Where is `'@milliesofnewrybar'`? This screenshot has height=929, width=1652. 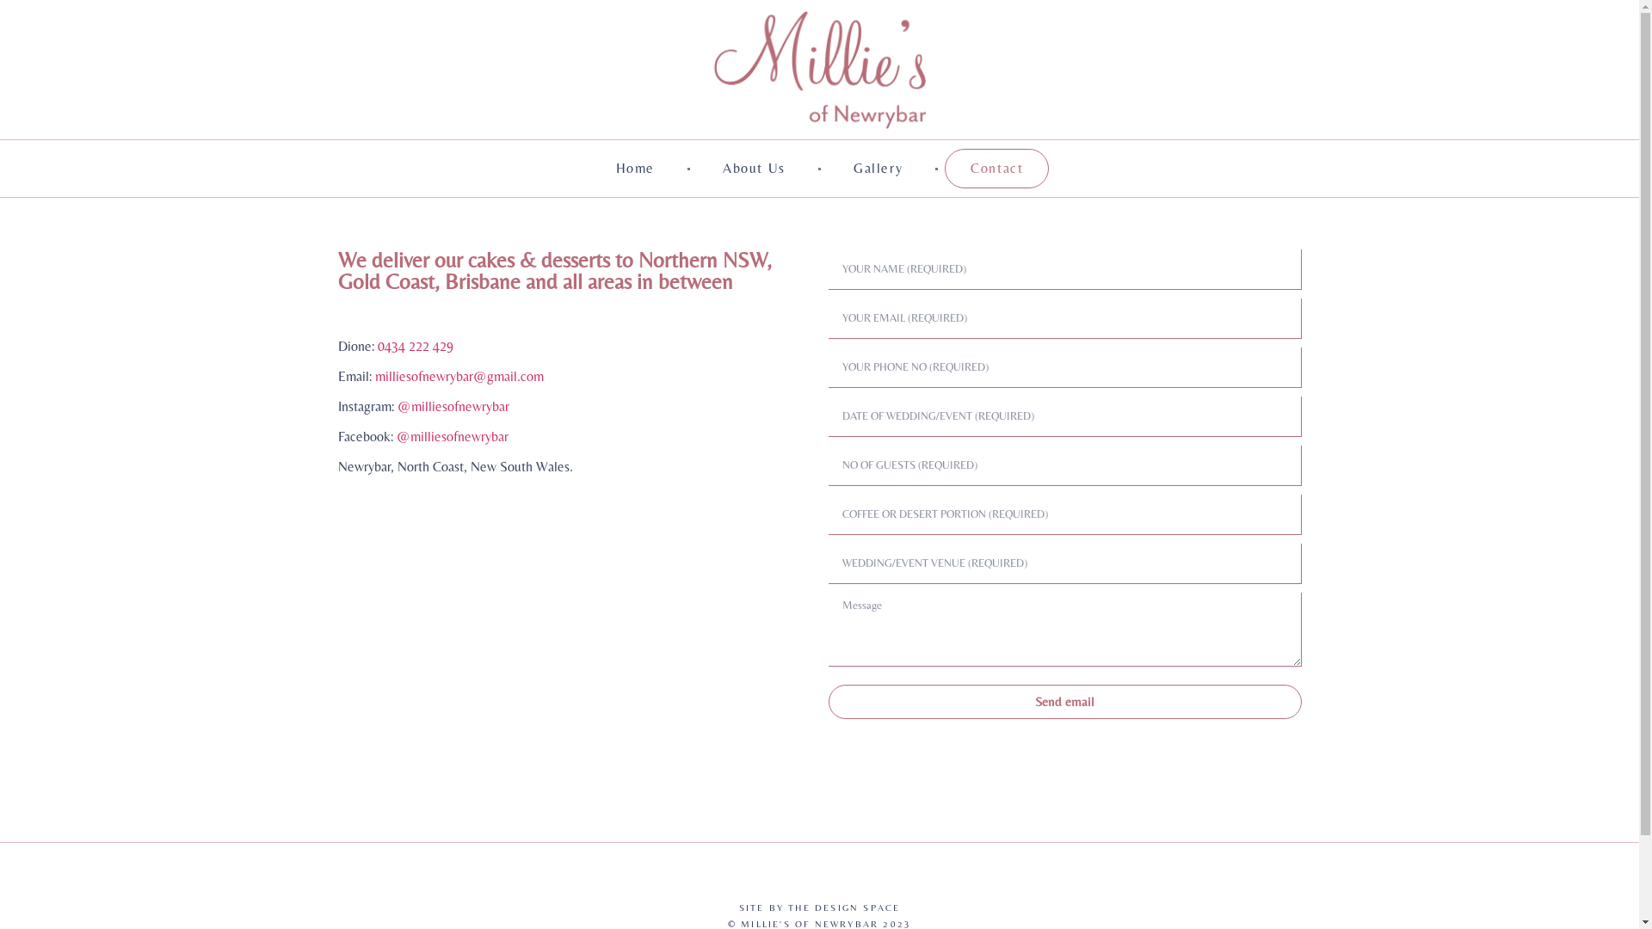 '@milliesofnewrybar' is located at coordinates (451, 435).